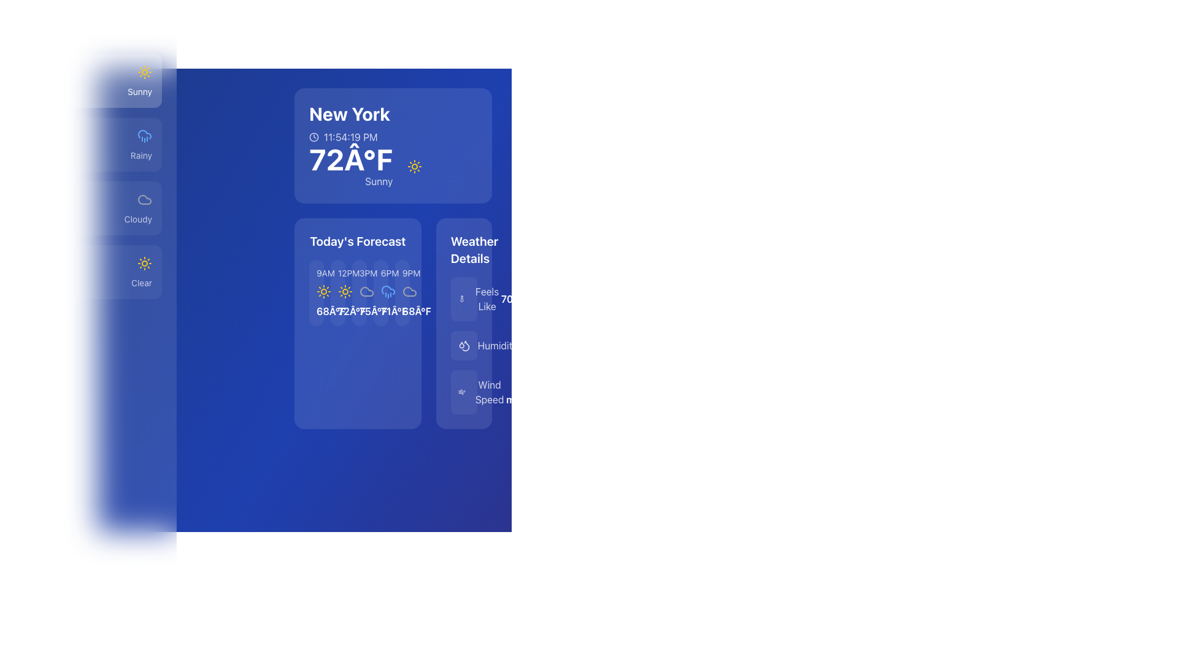 The width and height of the screenshot is (1178, 662). I want to click on the humidity icon, which is a small graphical representation of two droplets of water, located in the 'Weather Details' section, within the rounded rectangular segment labeled 'Humidity', so click(463, 345).